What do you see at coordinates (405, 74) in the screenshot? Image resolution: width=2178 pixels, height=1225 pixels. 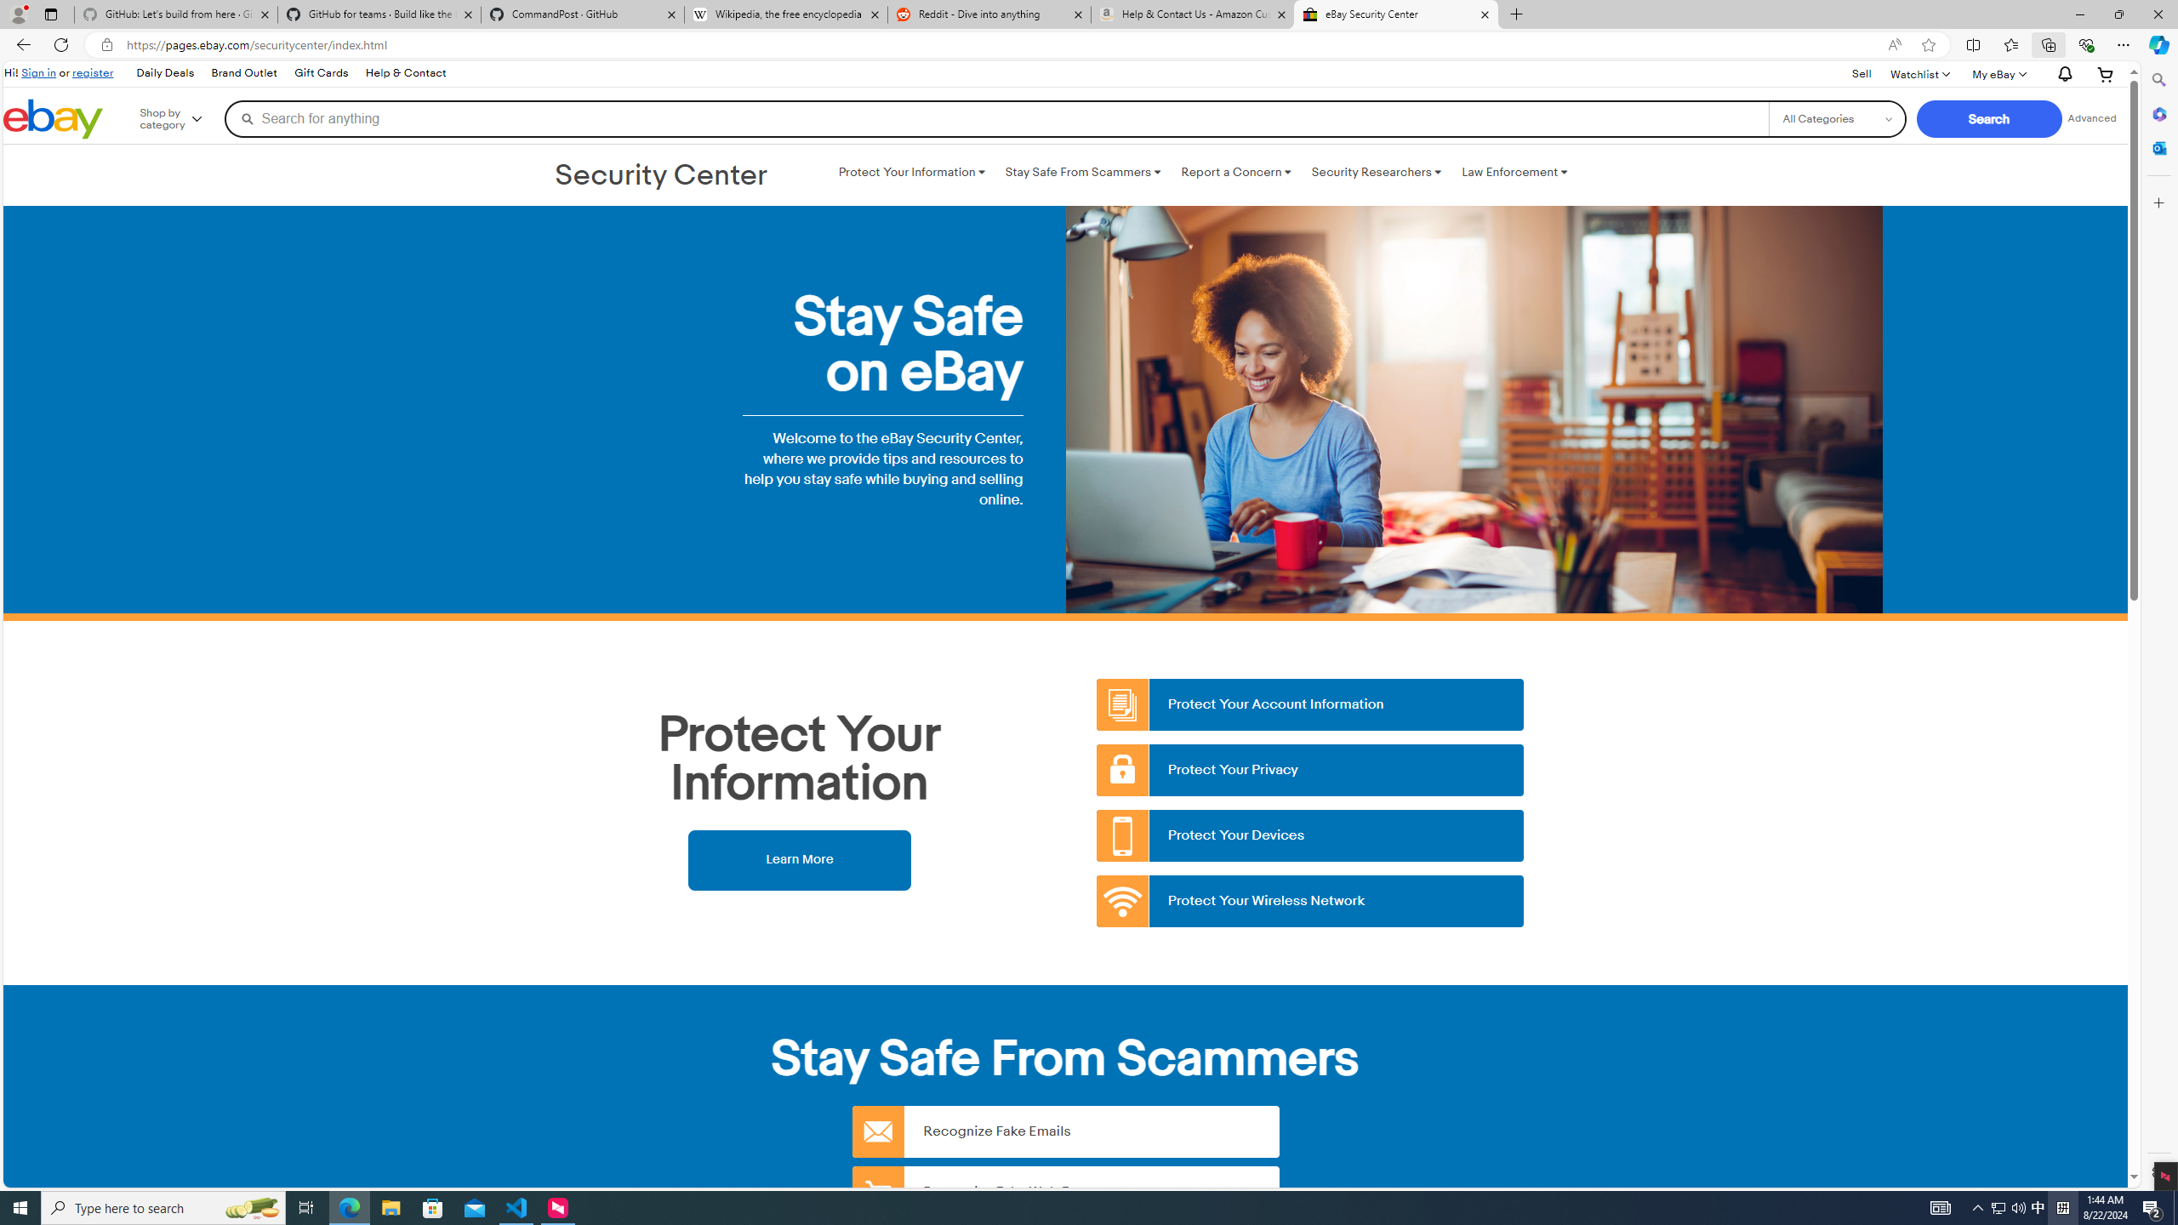 I see `'Help & Contact'` at bounding box center [405, 74].